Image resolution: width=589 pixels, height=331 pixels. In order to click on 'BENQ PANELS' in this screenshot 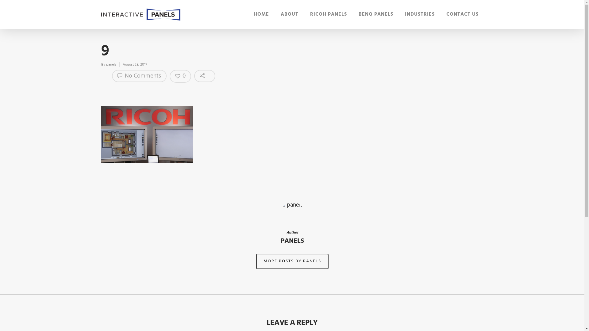, I will do `click(359, 15)`.